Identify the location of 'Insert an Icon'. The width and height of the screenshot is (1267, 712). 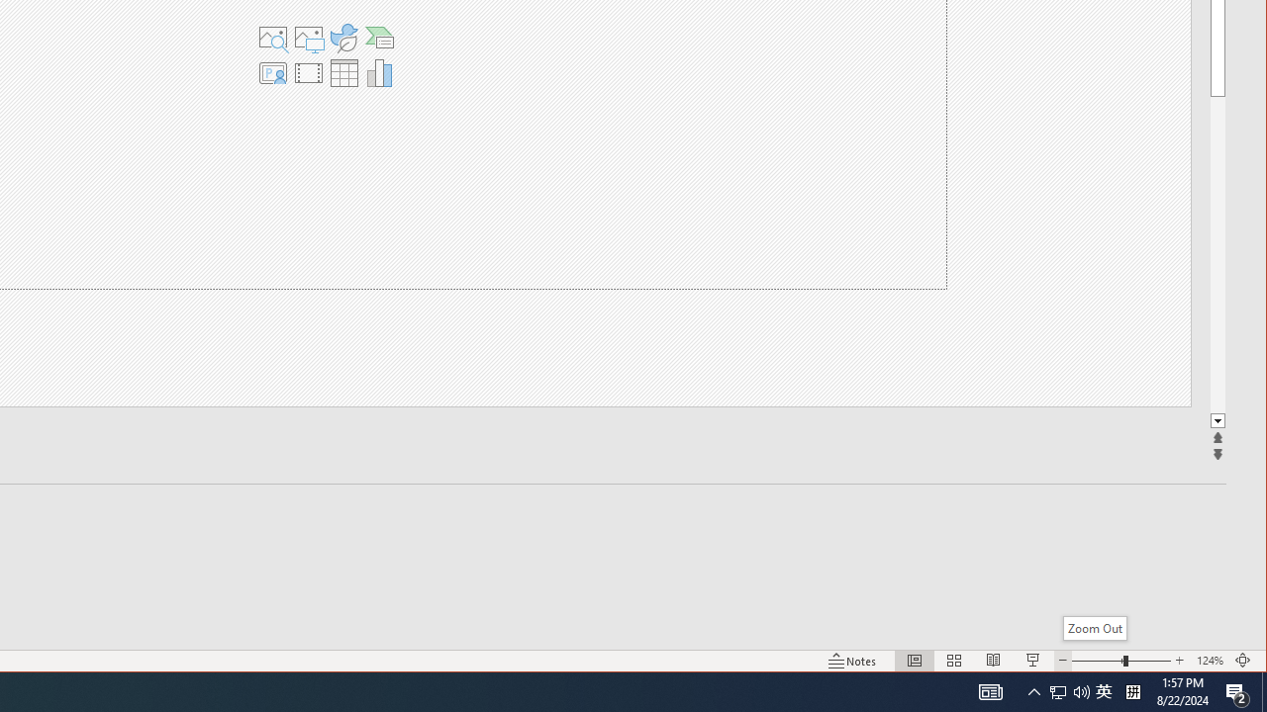
(343, 38).